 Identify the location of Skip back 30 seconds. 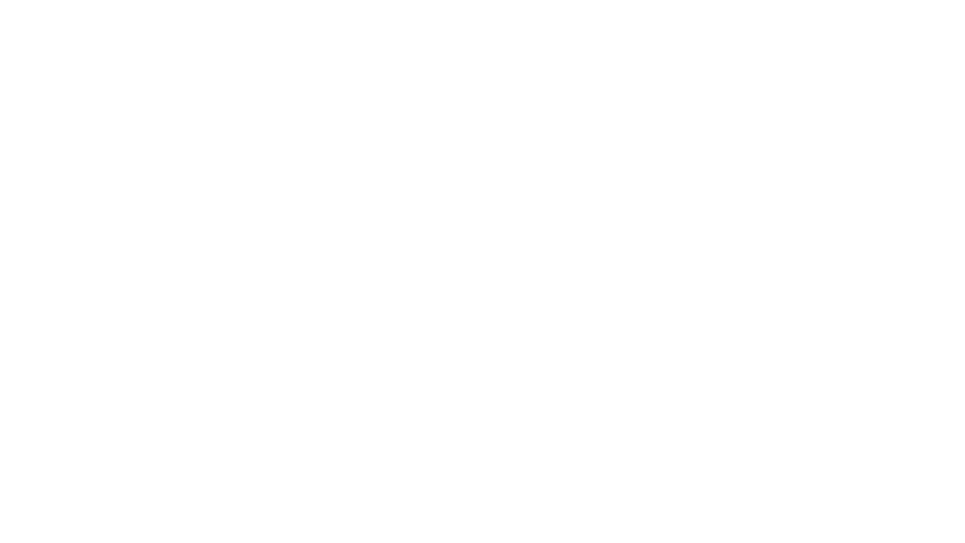
(38, 522).